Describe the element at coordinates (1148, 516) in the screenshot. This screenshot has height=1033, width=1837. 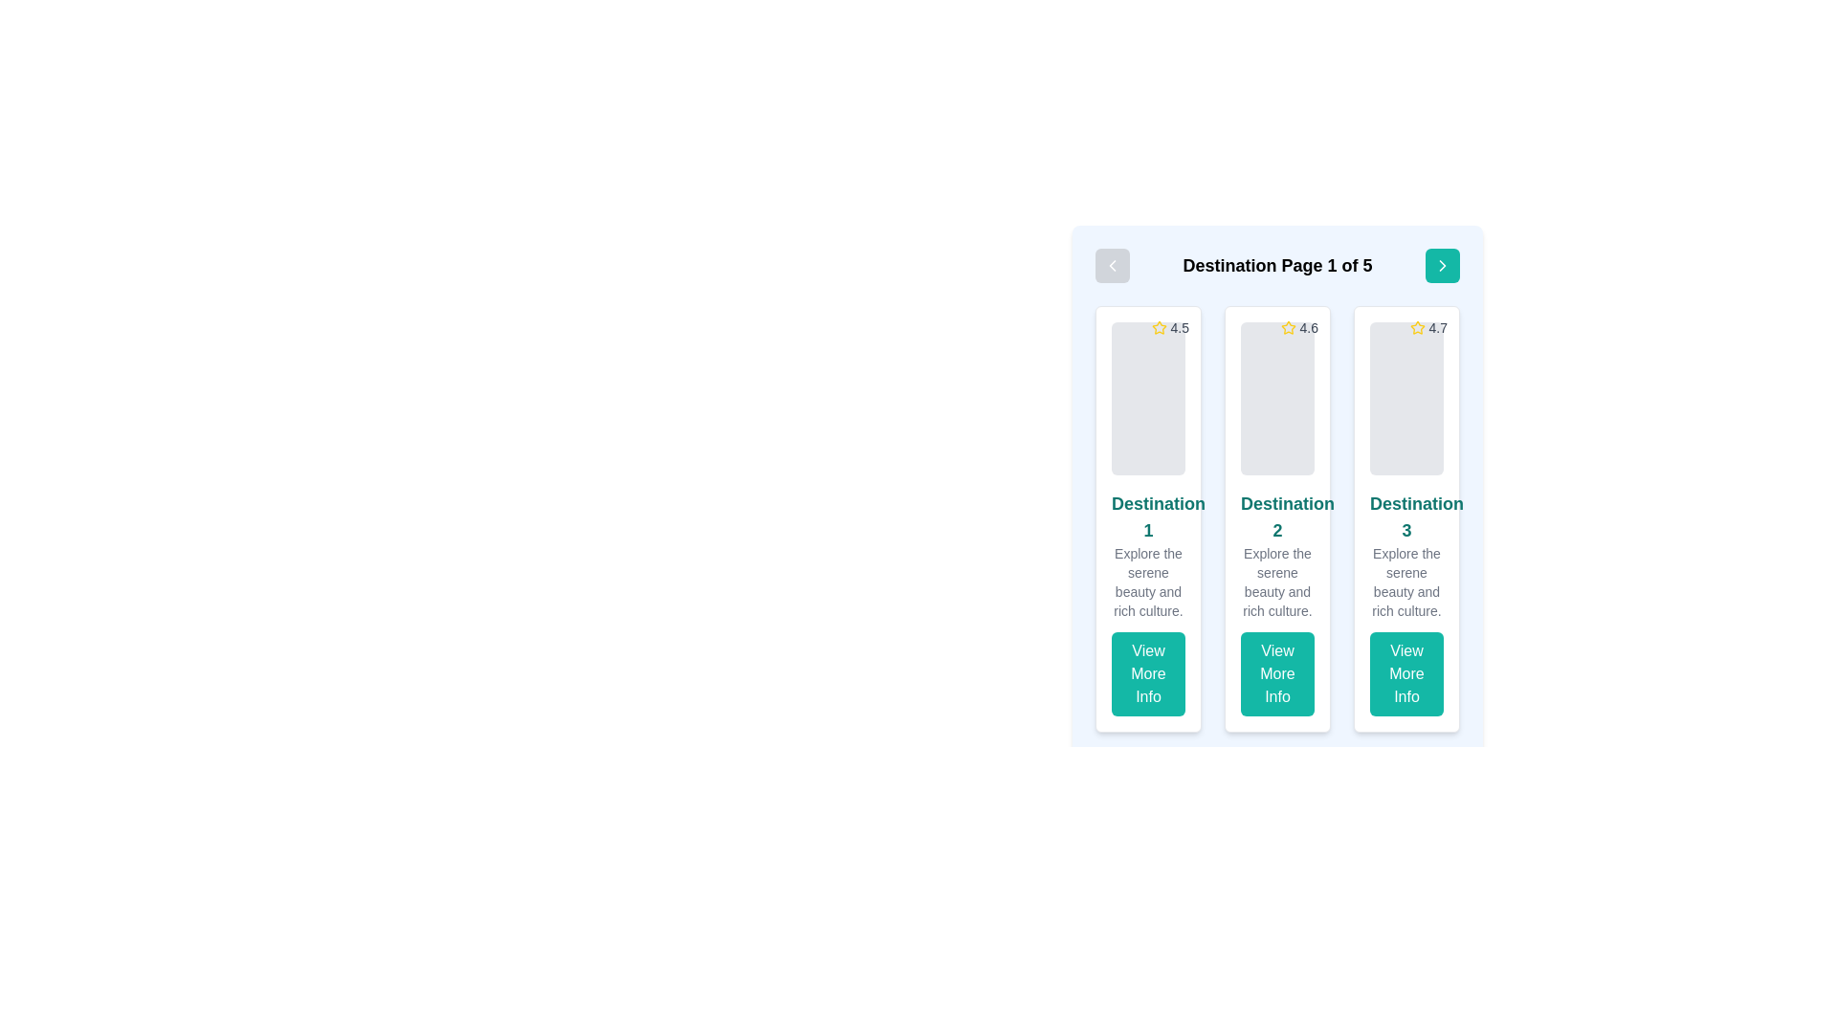
I see `the text label reading 'Destination 1', which is bold and teal-colored, positioned below an image placeholder within a bordered card` at that location.